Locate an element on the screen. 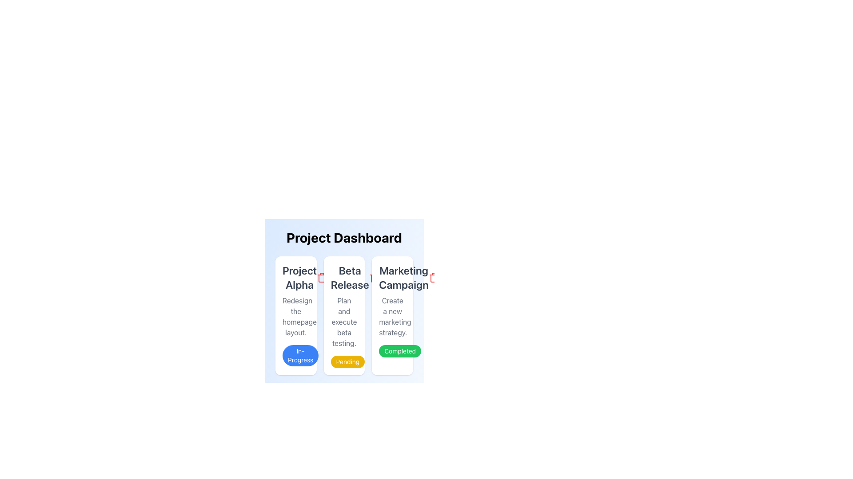 This screenshot has height=479, width=853. the button-like component with a yellow background and white text that displays 'Pending', located at the bottom center of the 'Beta Release' card is located at coordinates (347, 362).